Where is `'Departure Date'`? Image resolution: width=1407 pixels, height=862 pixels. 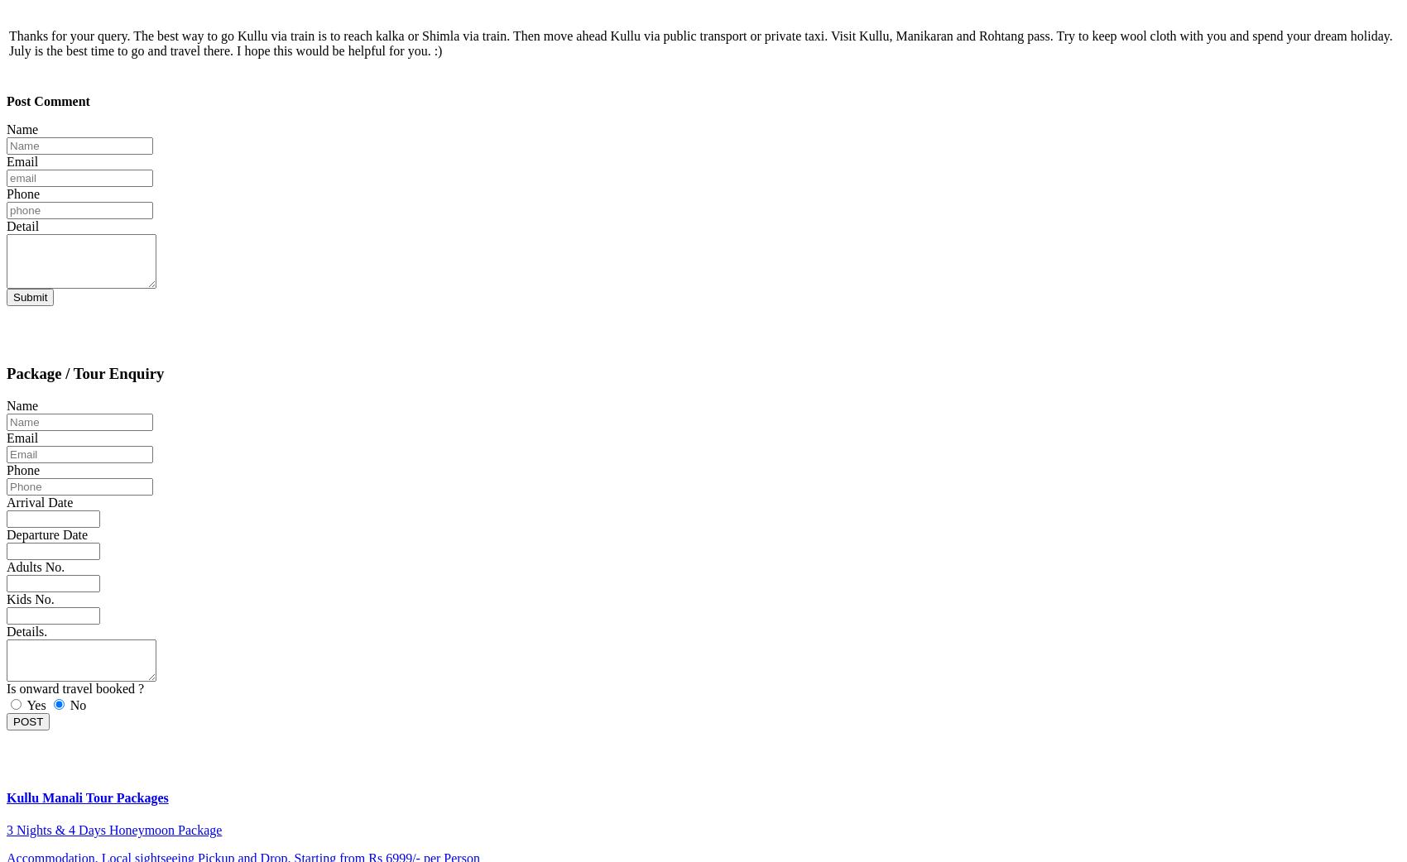 'Departure Date' is located at coordinates (46, 534).